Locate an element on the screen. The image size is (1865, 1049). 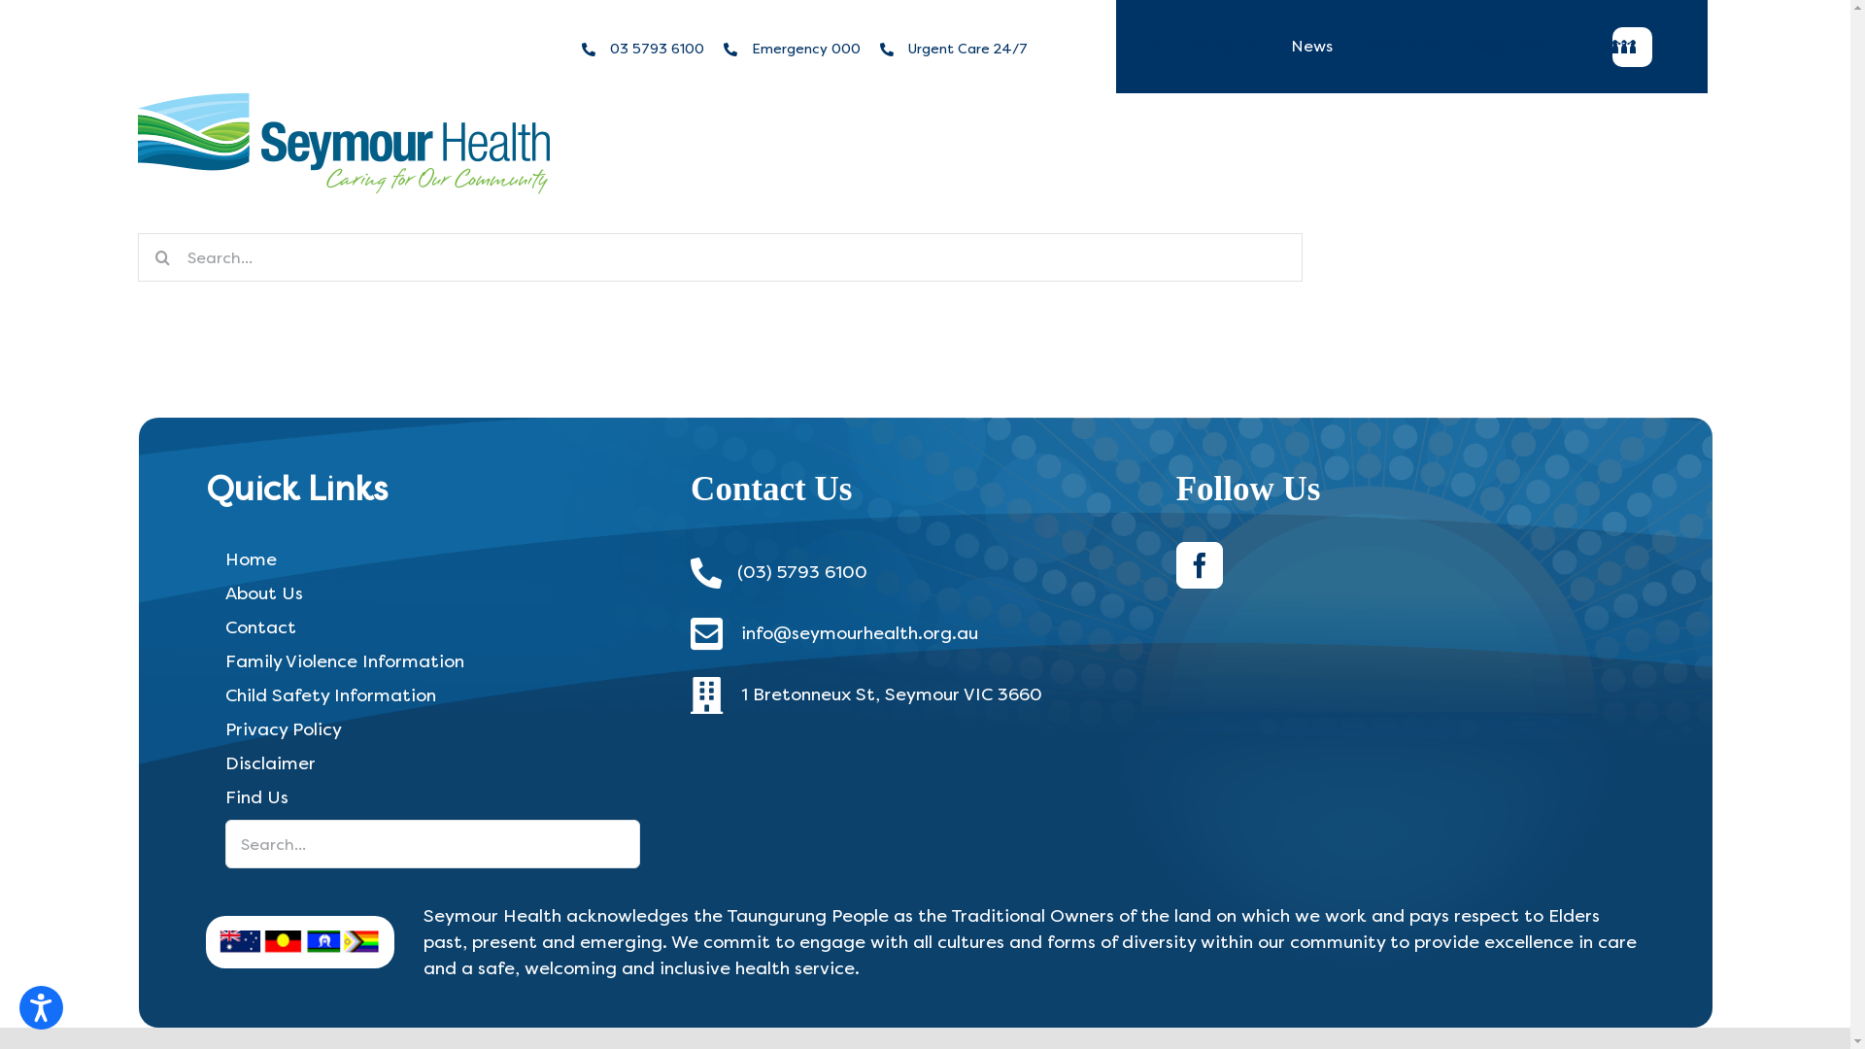
'Find Us' is located at coordinates (205, 797).